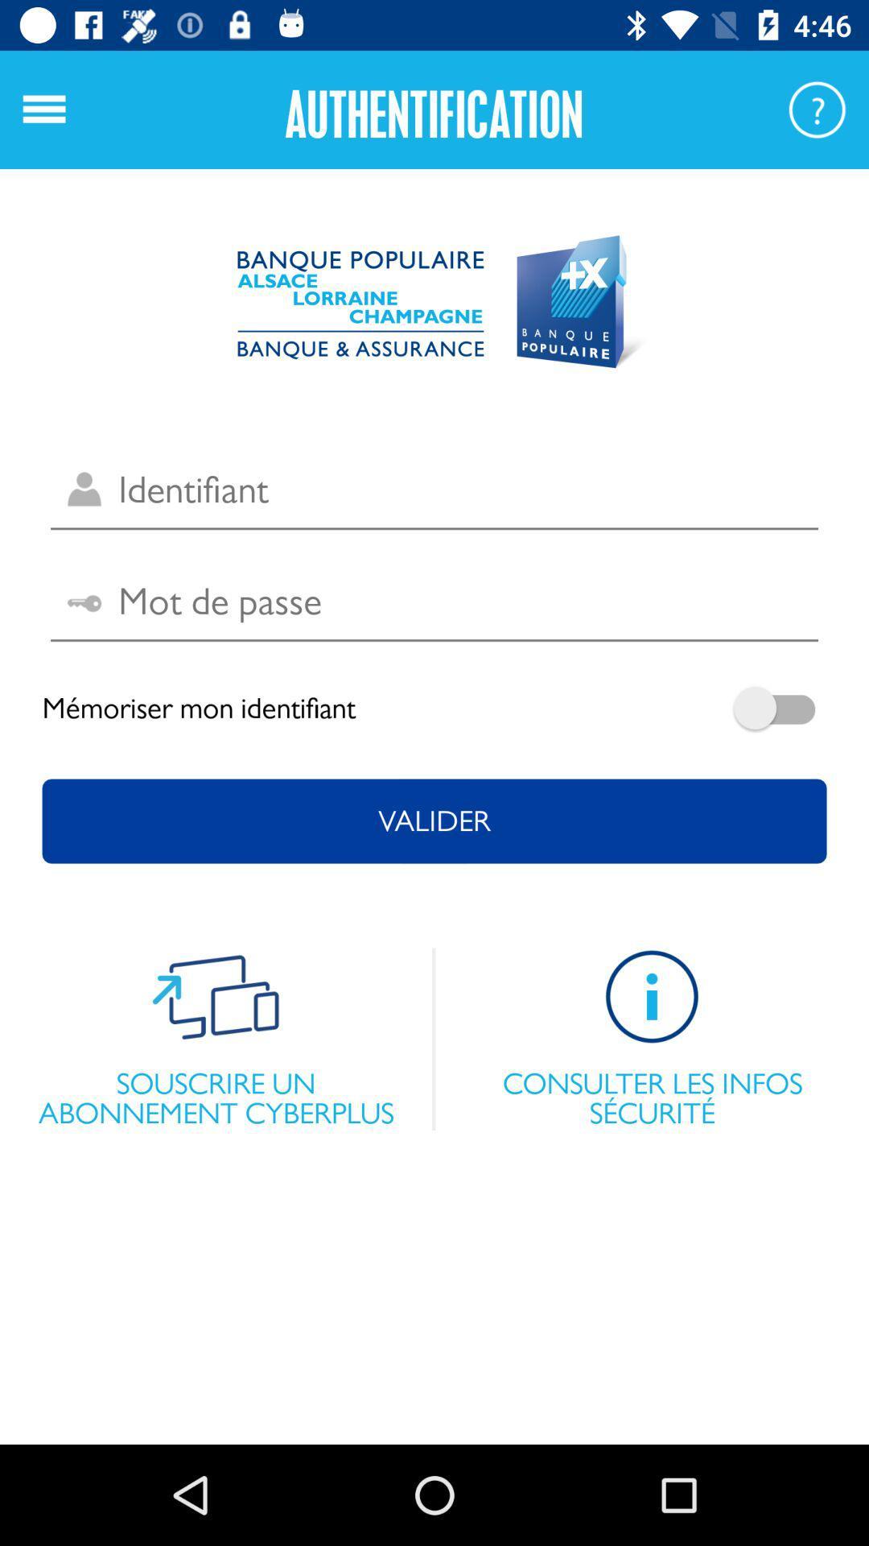 Image resolution: width=869 pixels, height=1546 pixels. Describe the element at coordinates (817, 109) in the screenshot. I see `the question mark icon` at that location.